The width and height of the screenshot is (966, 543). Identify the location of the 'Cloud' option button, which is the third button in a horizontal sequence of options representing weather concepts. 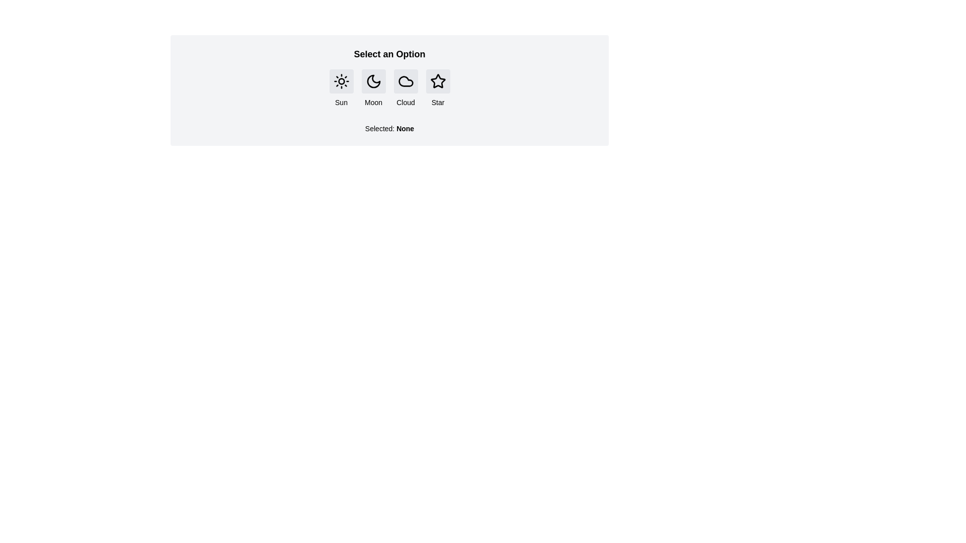
(406, 88).